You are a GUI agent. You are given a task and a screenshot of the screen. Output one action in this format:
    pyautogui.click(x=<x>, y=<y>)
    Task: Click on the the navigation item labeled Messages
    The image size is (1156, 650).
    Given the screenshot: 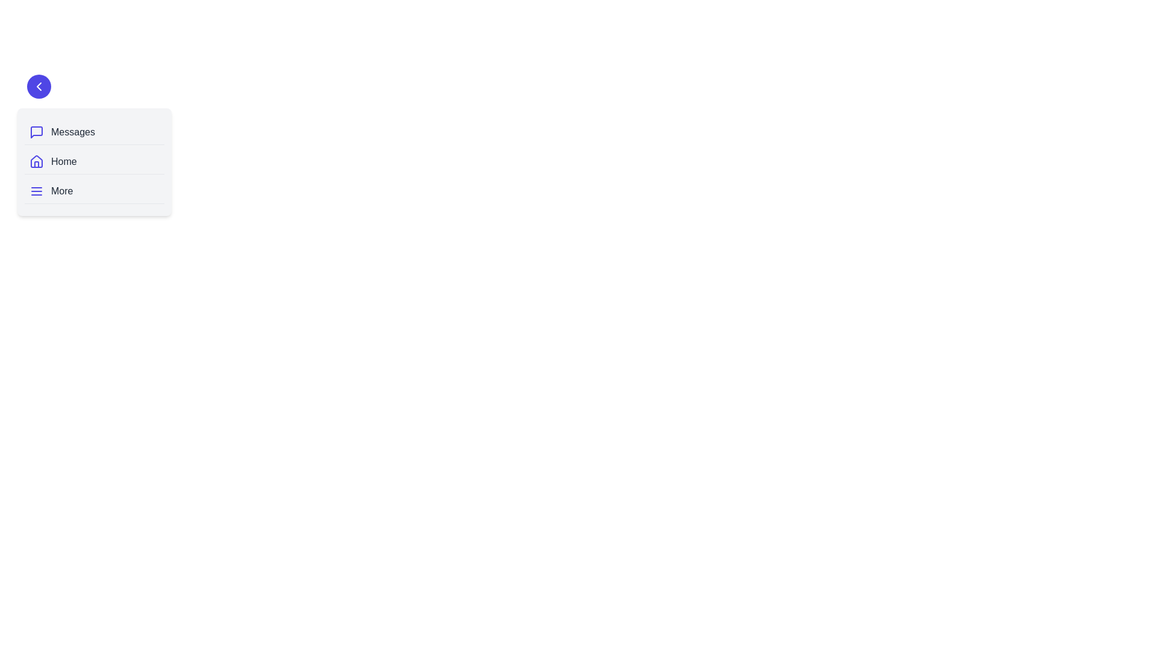 What is the action you would take?
    pyautogui.click(x=94, y=132)
    